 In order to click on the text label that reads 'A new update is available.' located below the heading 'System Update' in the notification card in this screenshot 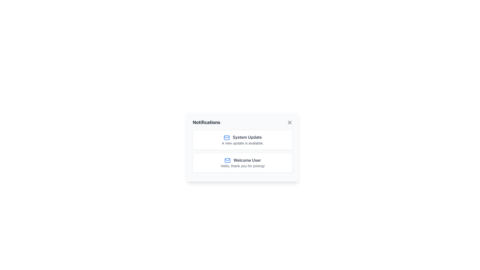, I will do `click(242, 143)`.